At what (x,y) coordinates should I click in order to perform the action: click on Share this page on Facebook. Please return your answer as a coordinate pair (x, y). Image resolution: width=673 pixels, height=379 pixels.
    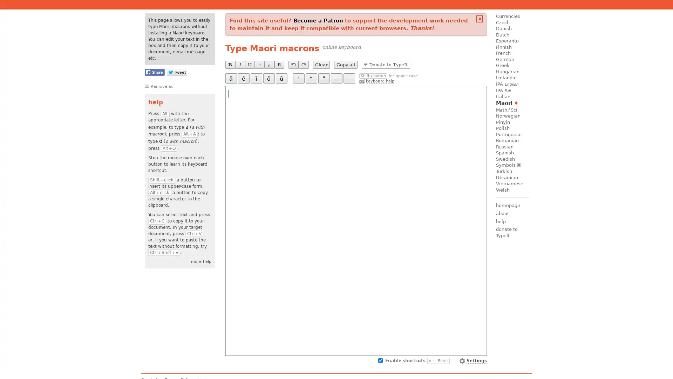
    Looking at the image, I should click on (154, 72).